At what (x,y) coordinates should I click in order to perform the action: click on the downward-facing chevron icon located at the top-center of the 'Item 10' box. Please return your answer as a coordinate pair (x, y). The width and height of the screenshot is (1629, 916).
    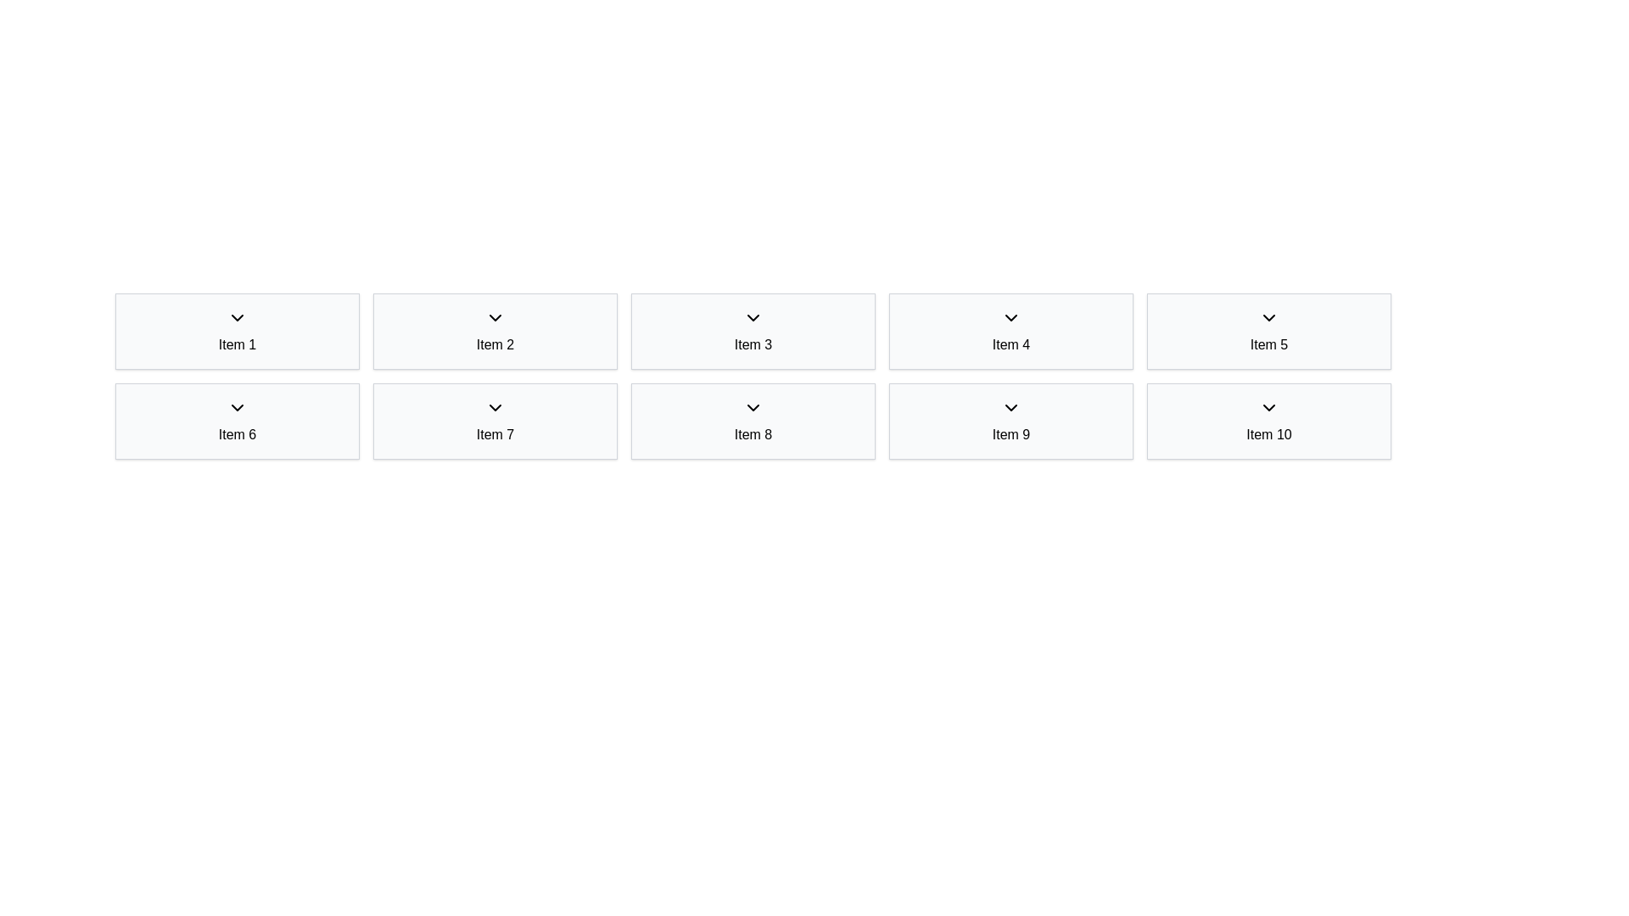
    Looking at the image, I should click on (1269, 408).